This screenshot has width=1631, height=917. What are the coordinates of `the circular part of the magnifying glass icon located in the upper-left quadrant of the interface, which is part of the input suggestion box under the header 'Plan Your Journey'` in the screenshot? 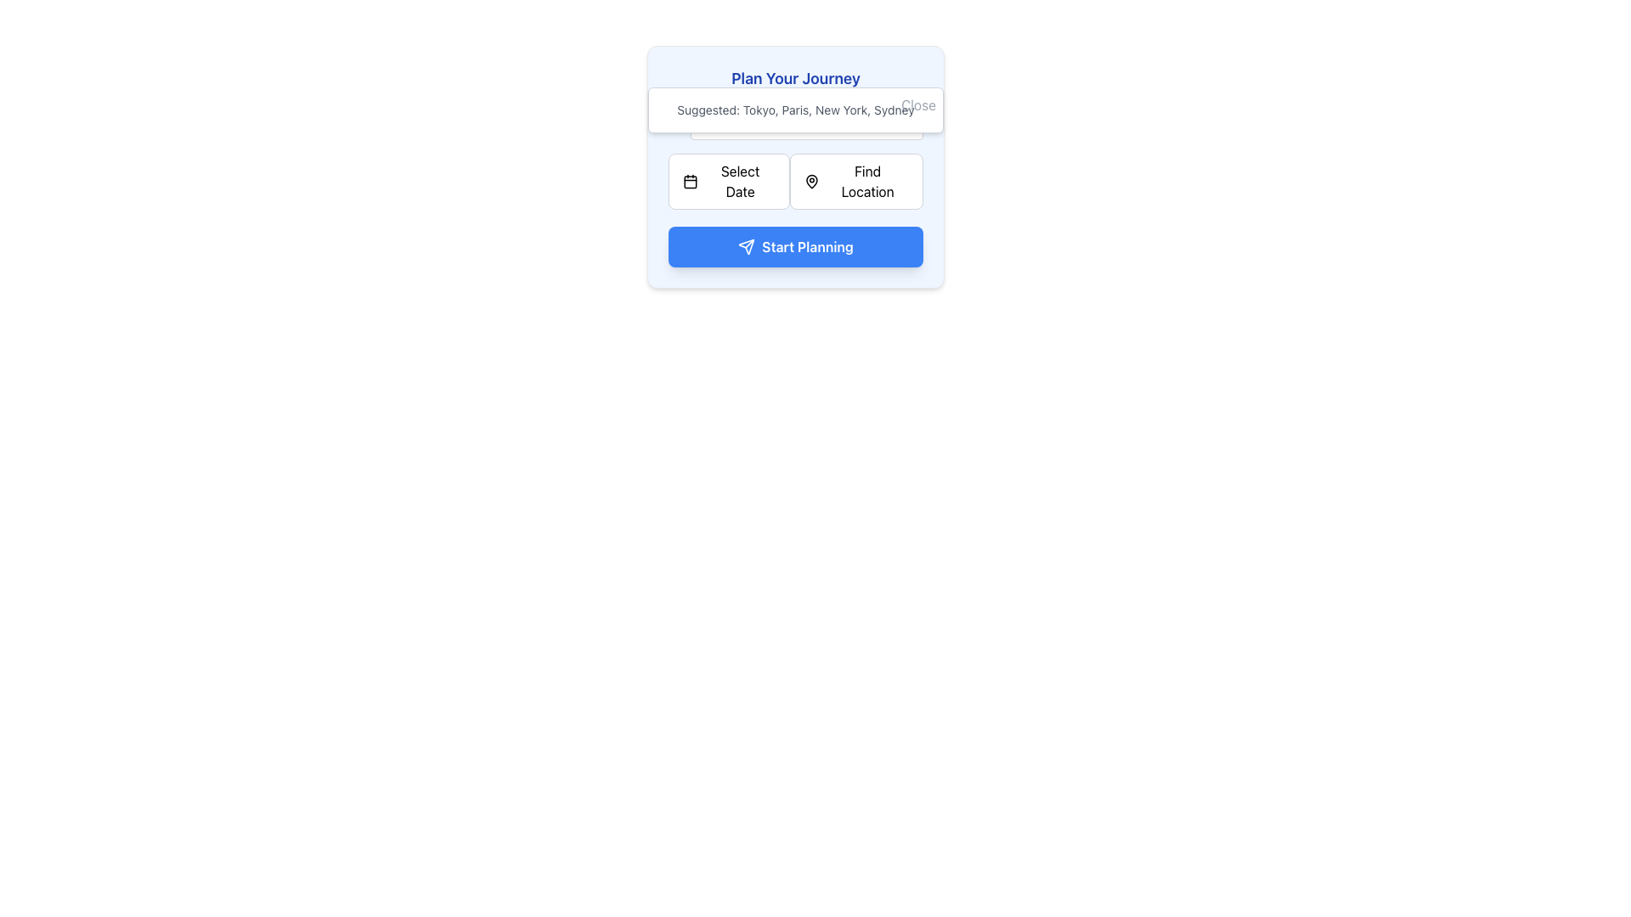 It's located at (674, 121).